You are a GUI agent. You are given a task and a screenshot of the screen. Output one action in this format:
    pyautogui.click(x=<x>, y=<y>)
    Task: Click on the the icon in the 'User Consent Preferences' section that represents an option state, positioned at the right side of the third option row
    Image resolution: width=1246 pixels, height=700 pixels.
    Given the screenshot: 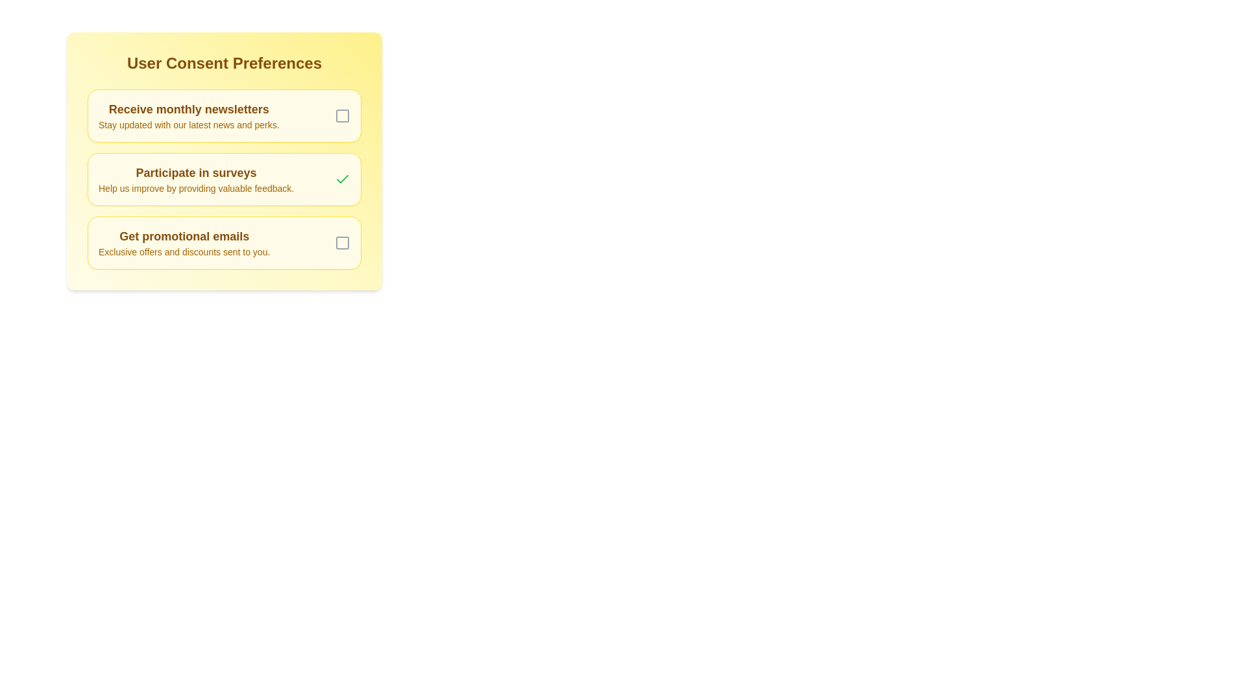 What is the action you would take?
    pyautogui.click(x=343, y=242)
    